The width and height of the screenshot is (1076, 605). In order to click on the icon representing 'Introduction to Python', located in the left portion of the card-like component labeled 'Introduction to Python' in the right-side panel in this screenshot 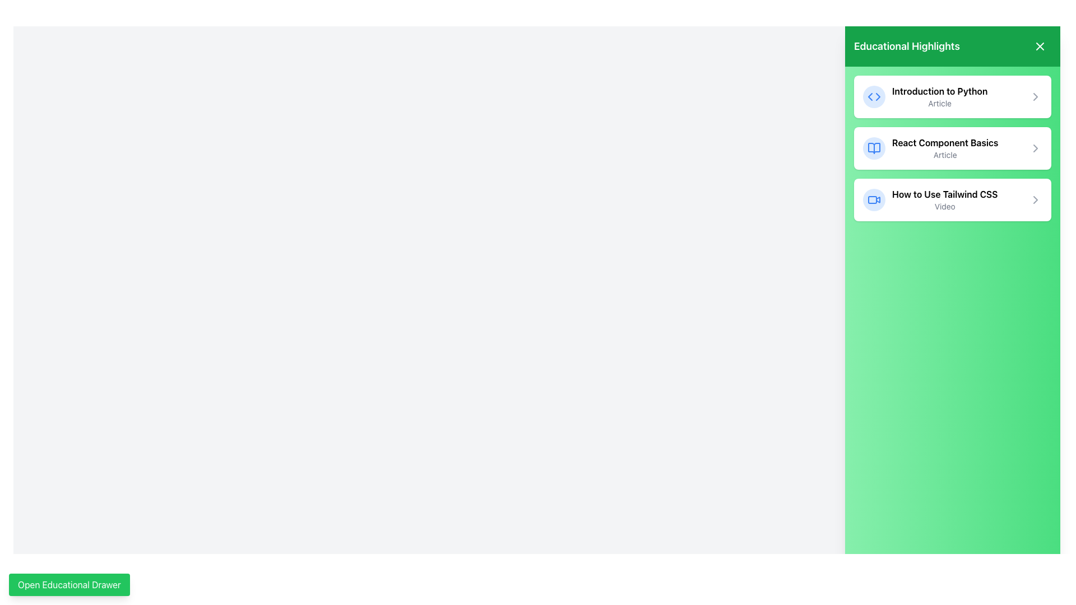, I will do `click(874, 96)`.